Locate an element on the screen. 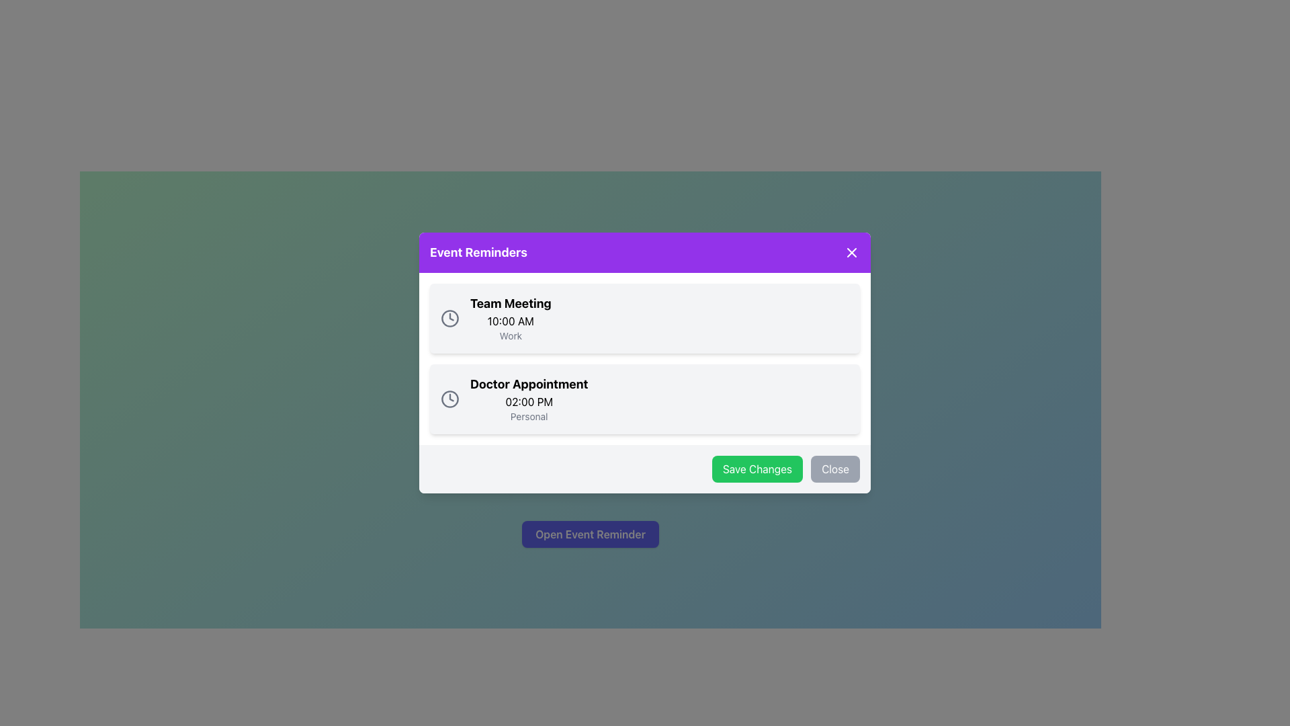  the decorative circle representing the face of the clock in the 'Team Meeting' panel located in the 'Event Reminders' section is located at coordinates (450, 399).